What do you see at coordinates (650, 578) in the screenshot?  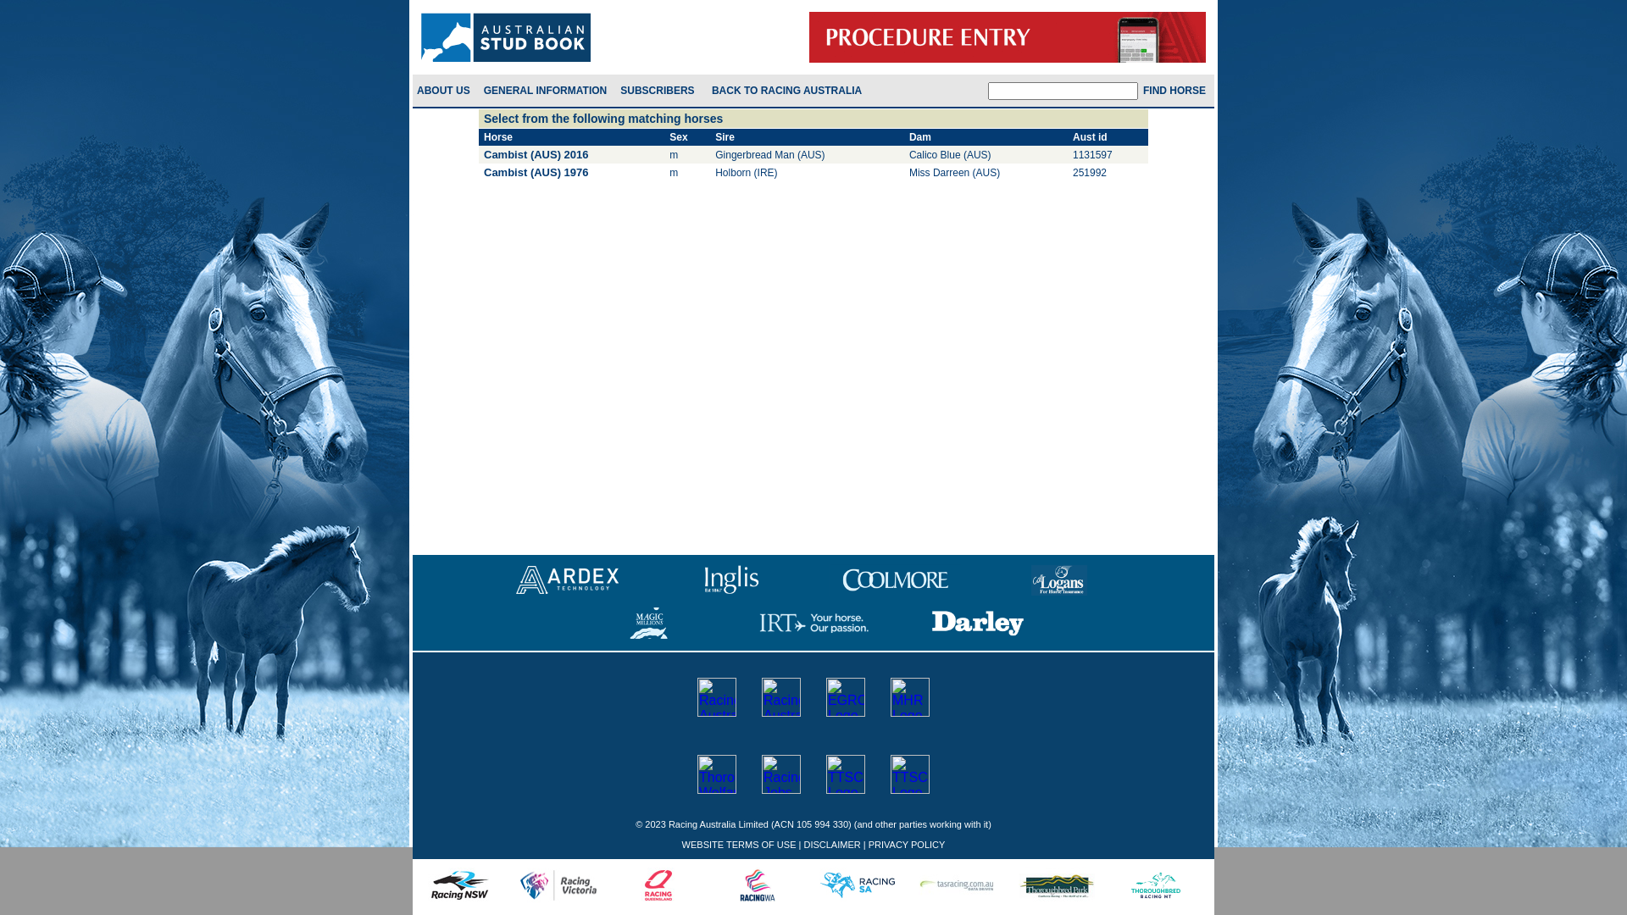 I see `'Inglis'` at bounding box center [650, 578].